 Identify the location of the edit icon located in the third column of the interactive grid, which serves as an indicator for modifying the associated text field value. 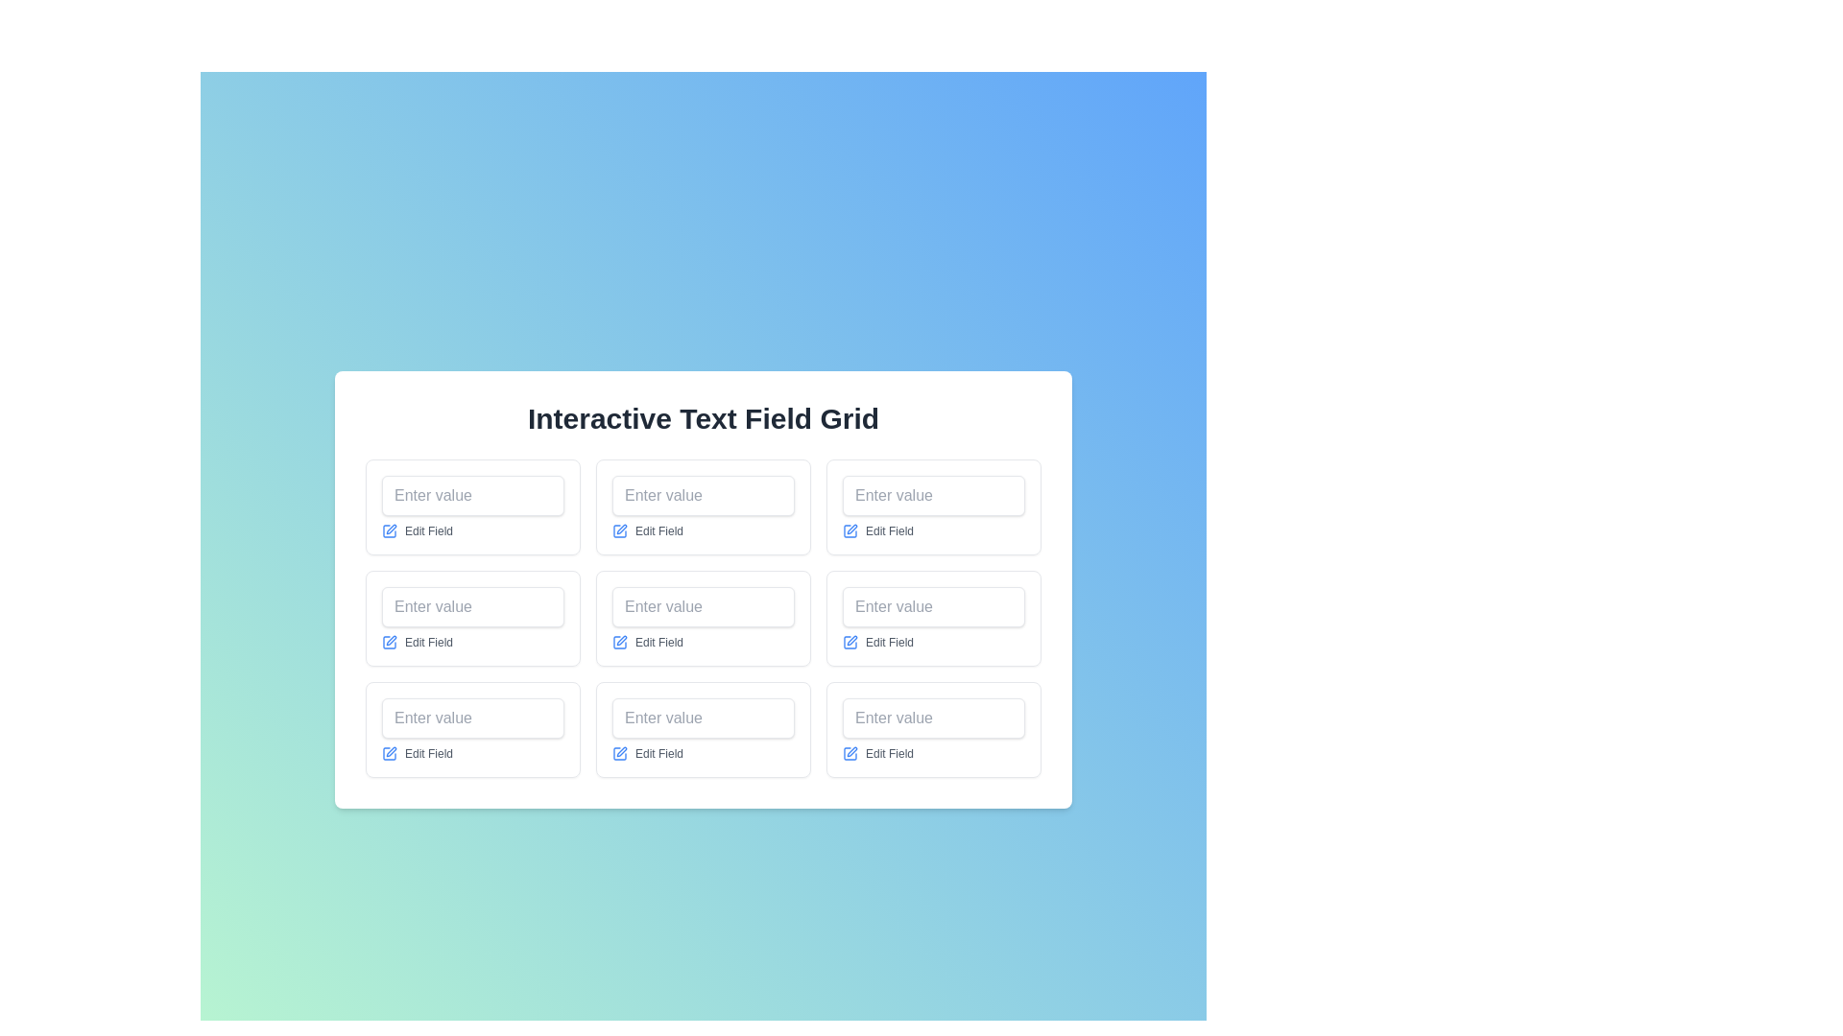
(851, 529).